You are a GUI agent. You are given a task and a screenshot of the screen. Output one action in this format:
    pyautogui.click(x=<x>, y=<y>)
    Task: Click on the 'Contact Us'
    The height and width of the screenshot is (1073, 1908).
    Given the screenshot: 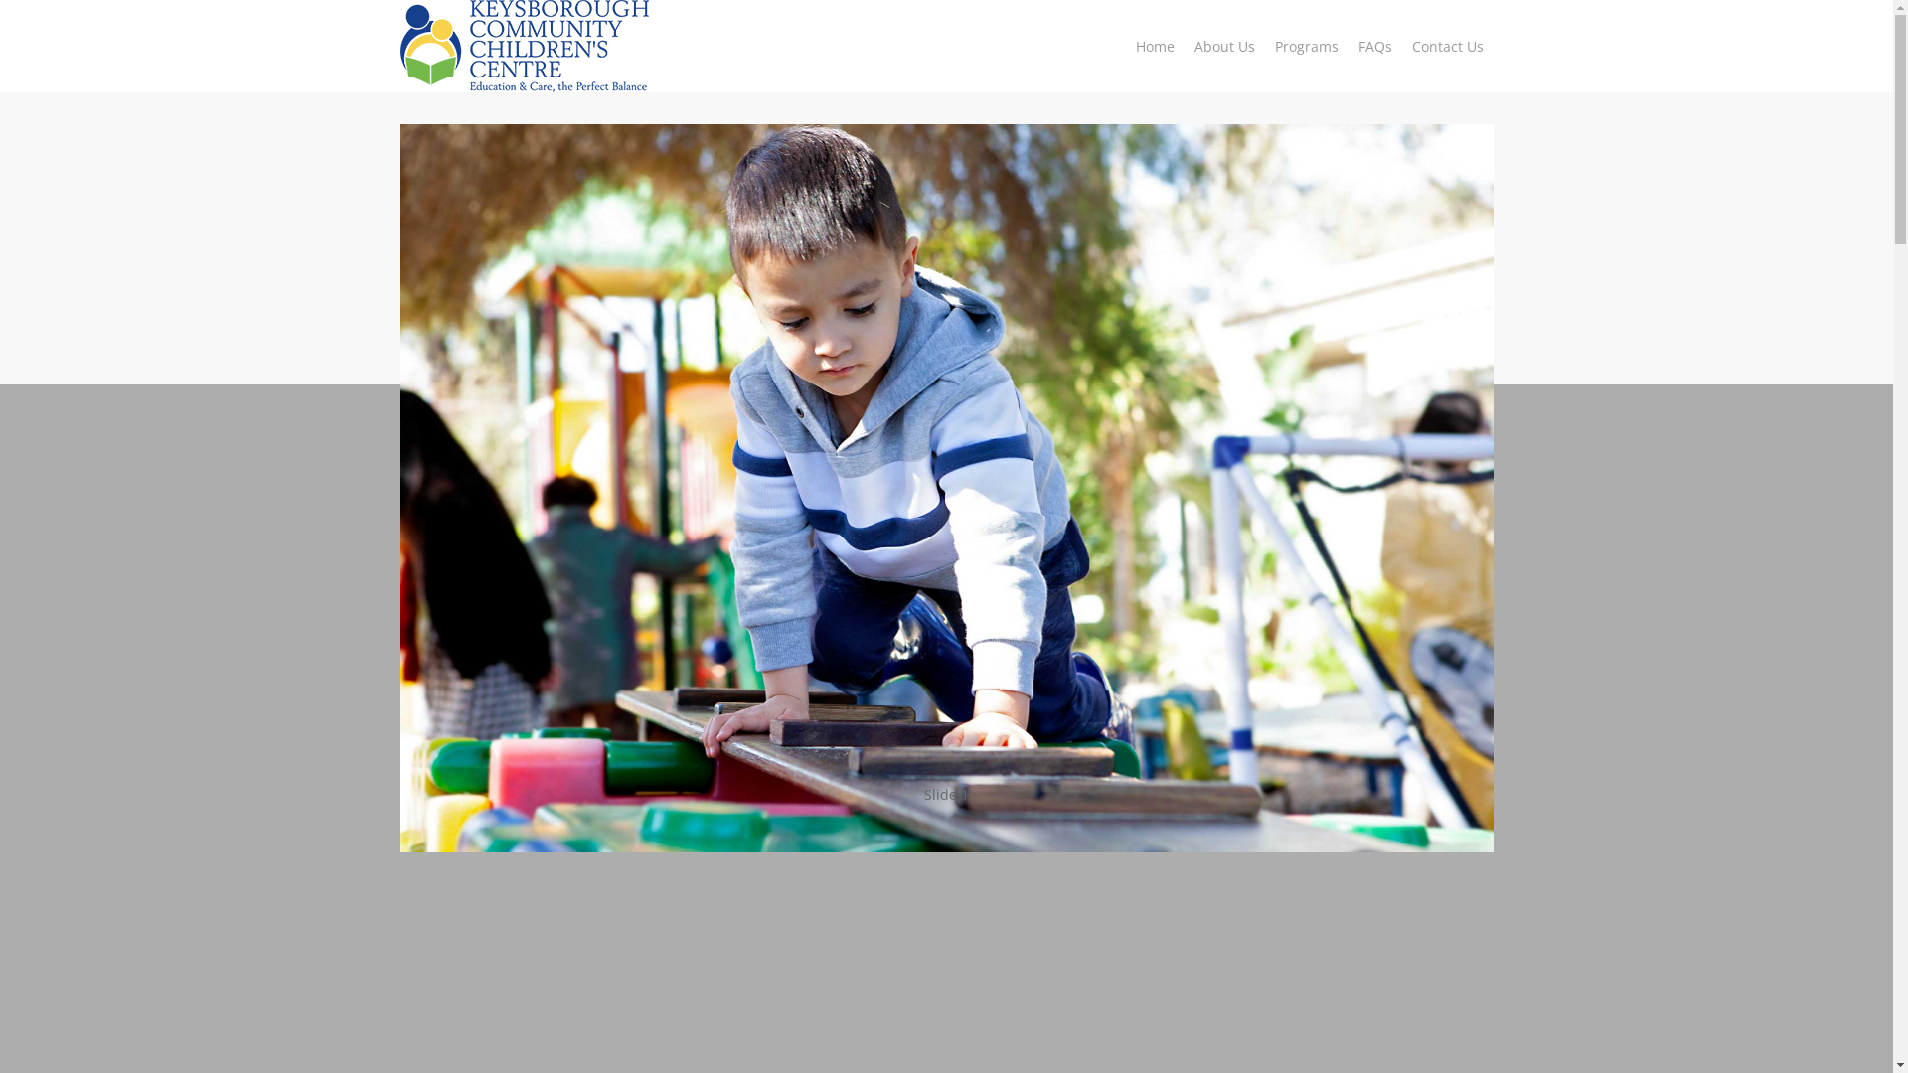 What is the action you would take?
    pyautogui.click(x=1446, y=45)
    